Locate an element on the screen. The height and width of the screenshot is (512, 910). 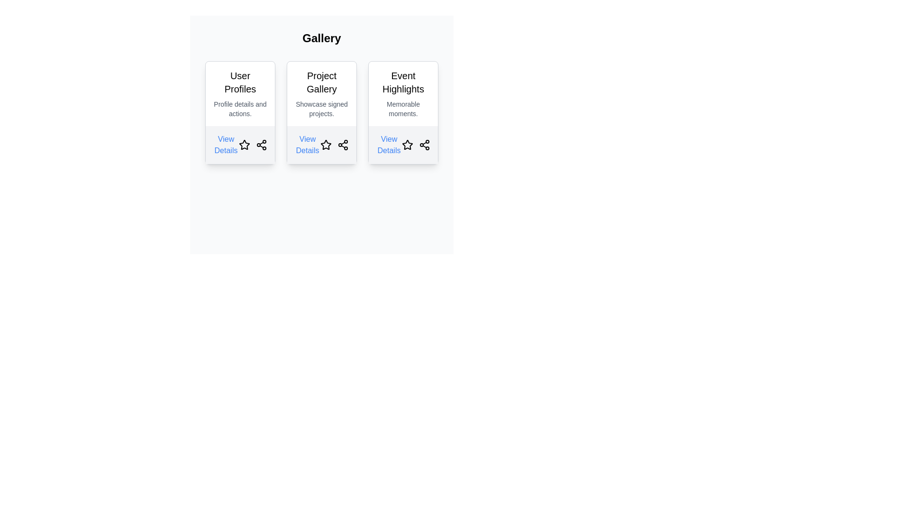
the 'User Profiles' hyperlink text located in the bottom left corner of the 'User Profiles' card is located at coordinates (225, 145).